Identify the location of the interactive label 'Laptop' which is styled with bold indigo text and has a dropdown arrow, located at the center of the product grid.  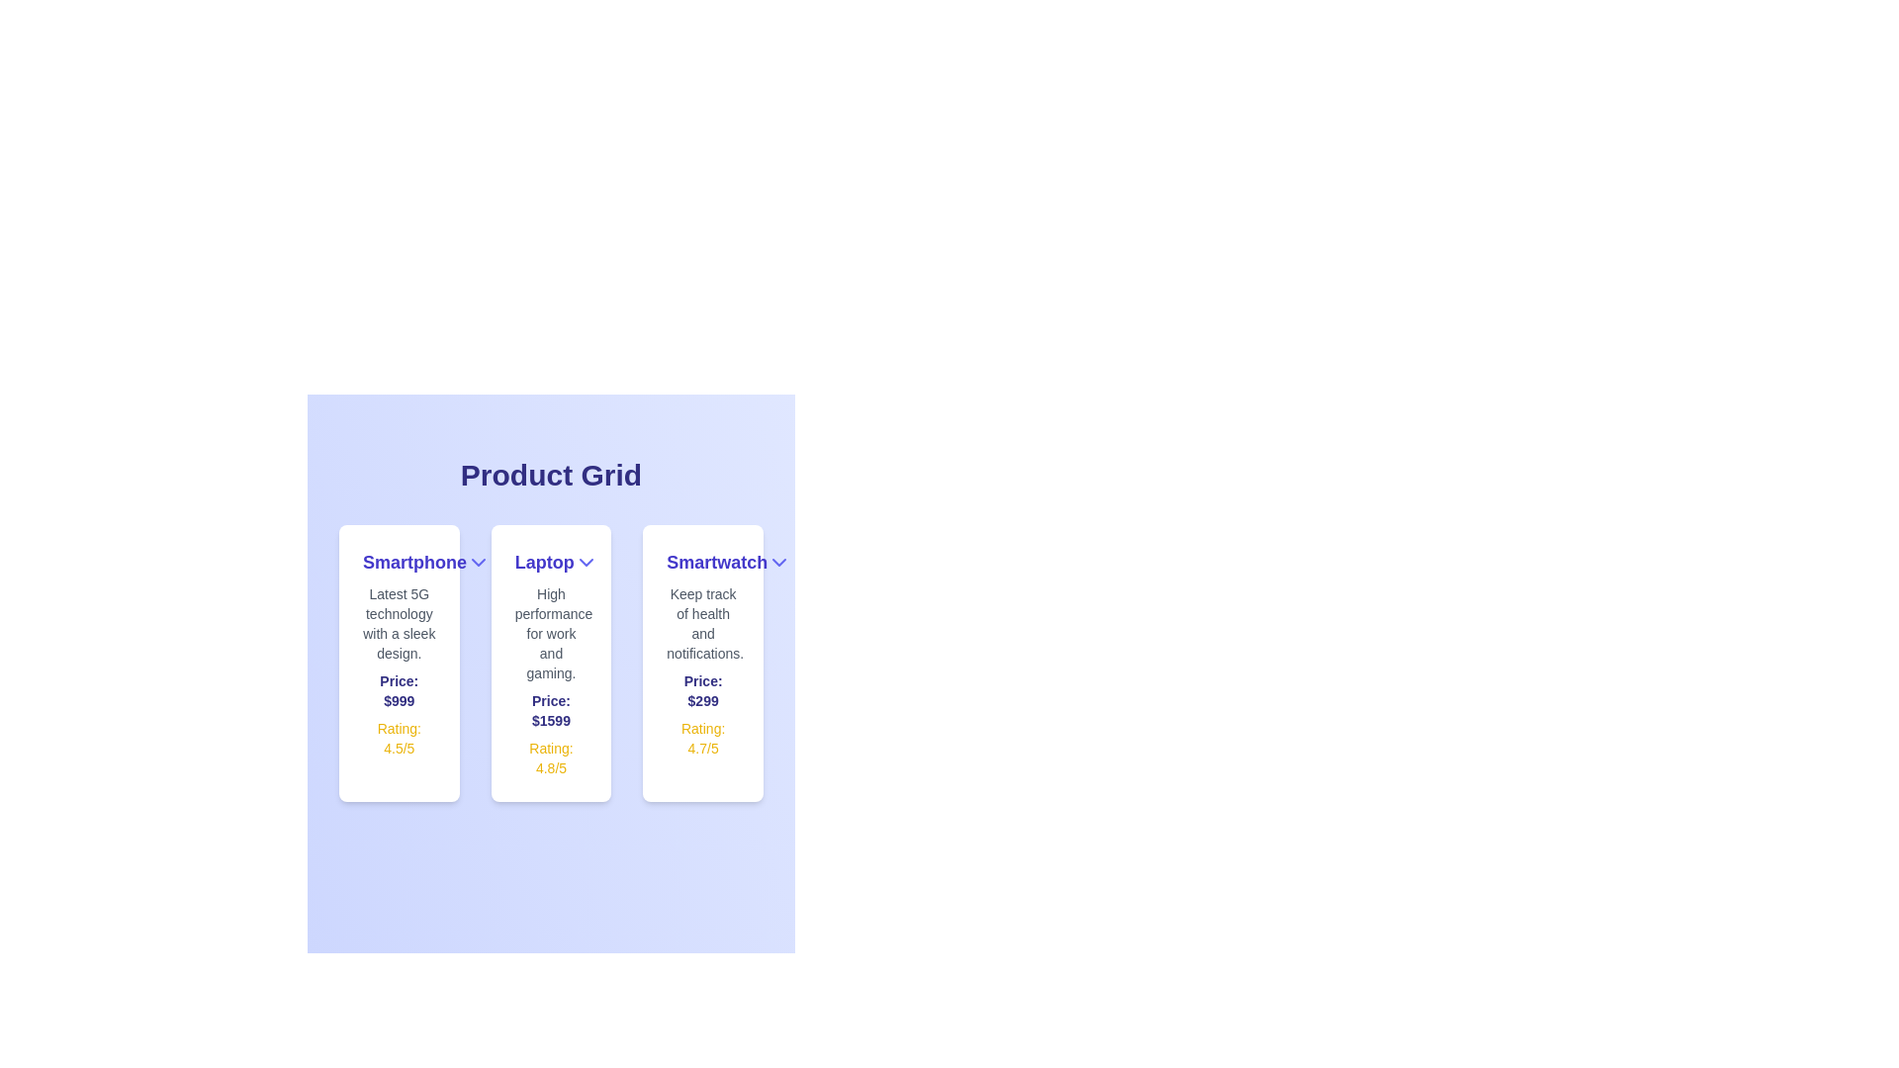
(551, 563).